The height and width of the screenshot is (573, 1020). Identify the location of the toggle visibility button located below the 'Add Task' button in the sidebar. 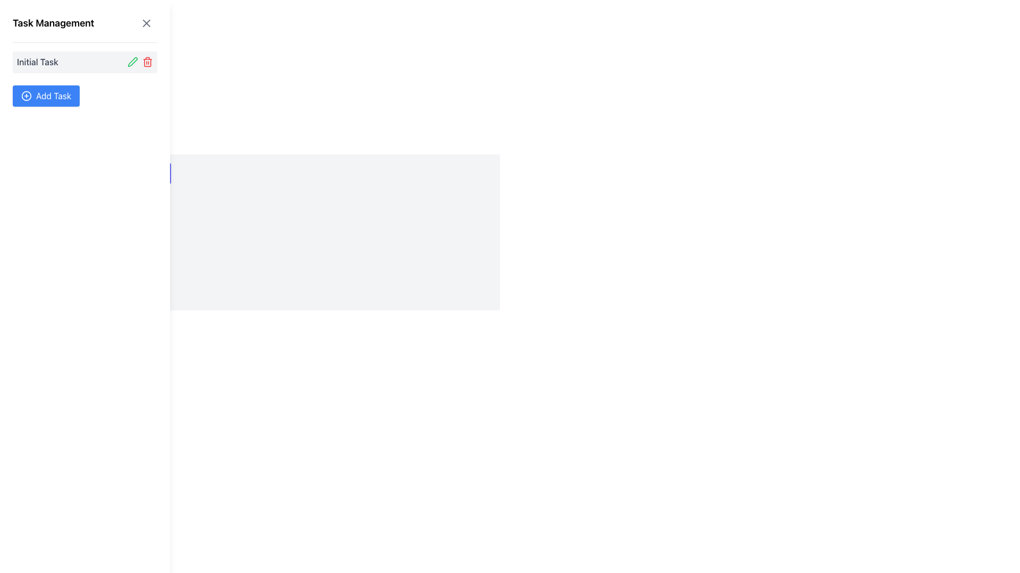
(130, 173).